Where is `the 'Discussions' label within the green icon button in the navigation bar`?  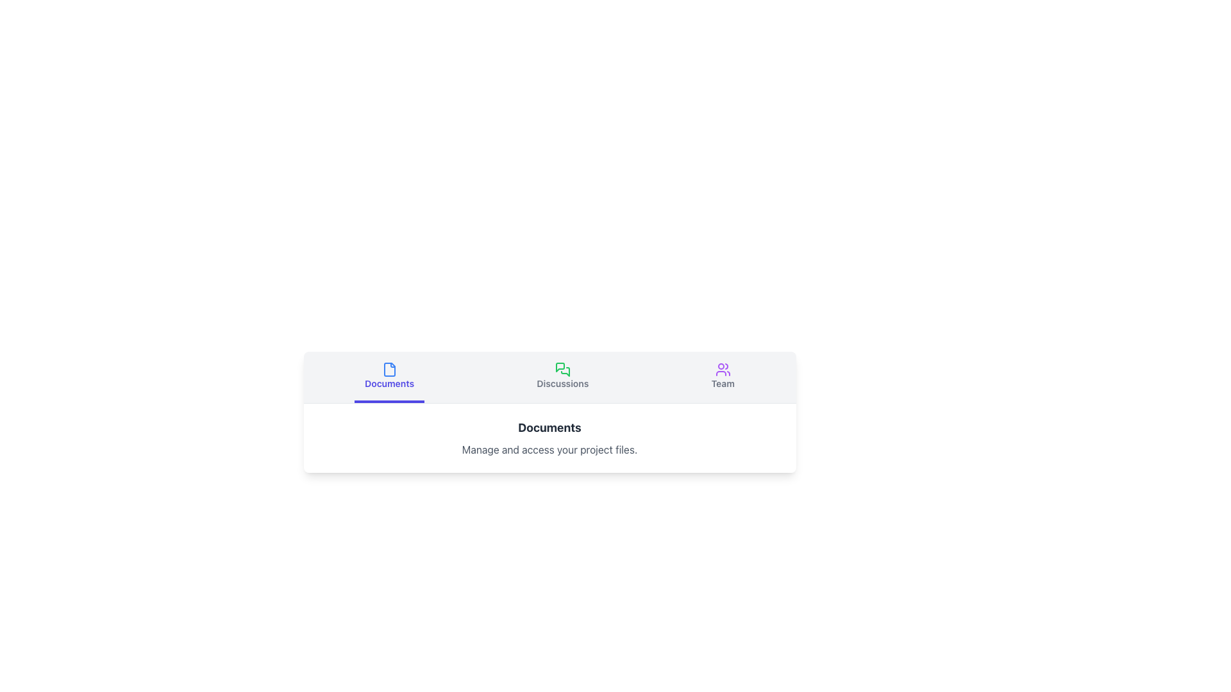 the 'Discussions' label within the green icon button in the navigation bar is located at coordinates (562, 383).